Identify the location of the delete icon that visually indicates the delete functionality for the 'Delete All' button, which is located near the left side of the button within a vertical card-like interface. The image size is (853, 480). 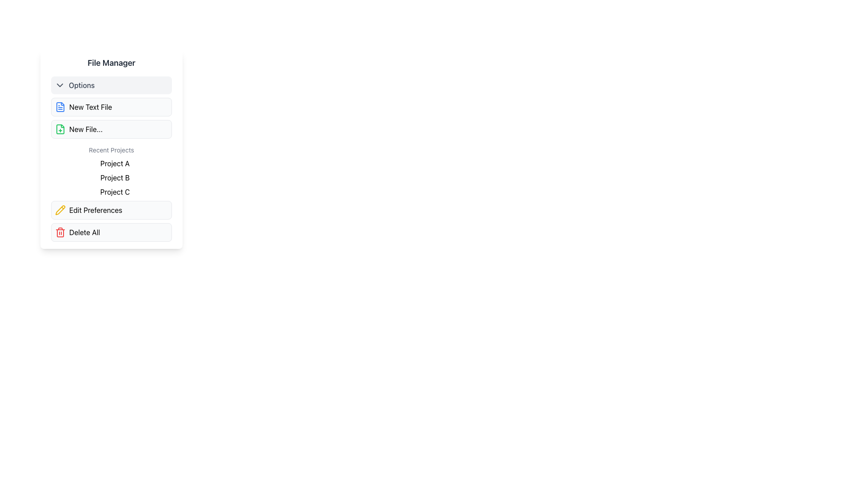
(60, 232).